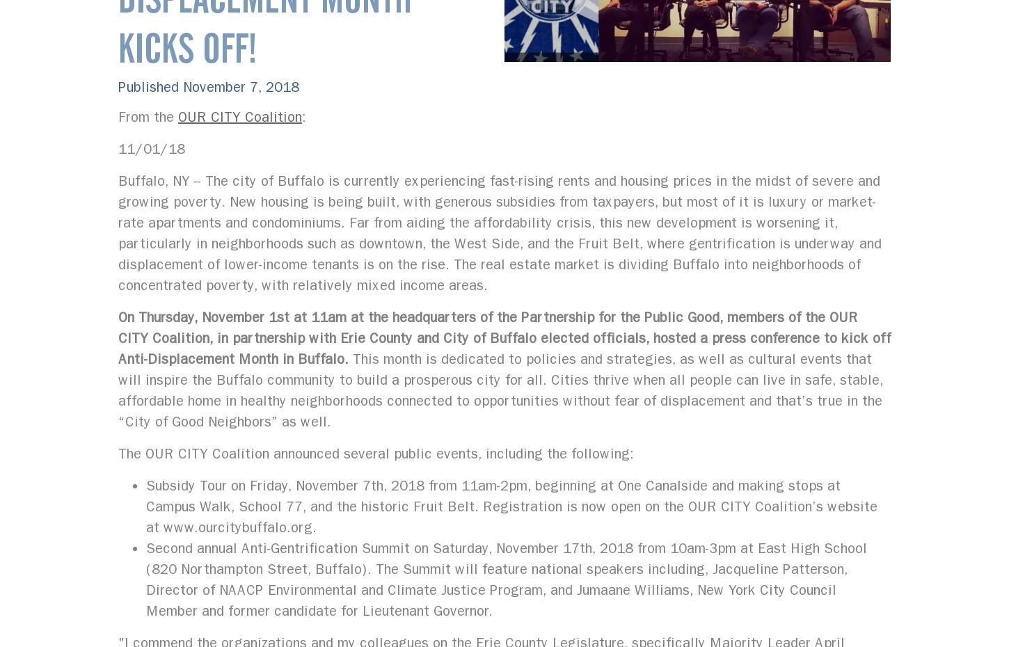  What do you see at coordinates (303, 116) in the screenshot?
I see `':'` at bounding box center [303, 116].